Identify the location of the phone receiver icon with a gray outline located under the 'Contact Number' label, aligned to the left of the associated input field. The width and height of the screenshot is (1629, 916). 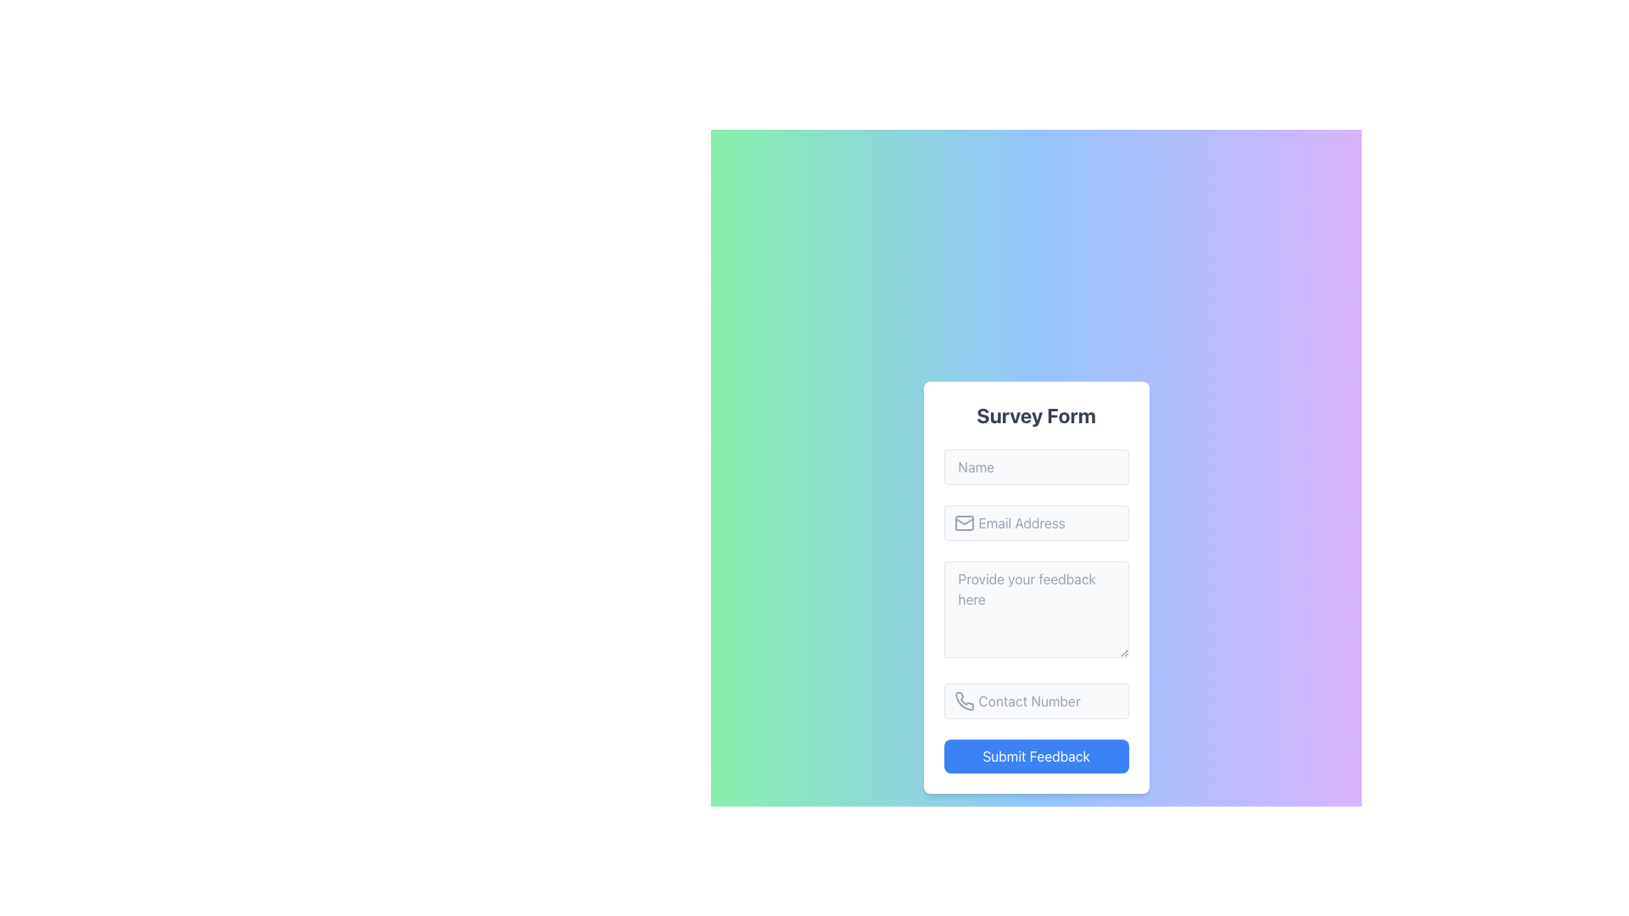
(964, 701).